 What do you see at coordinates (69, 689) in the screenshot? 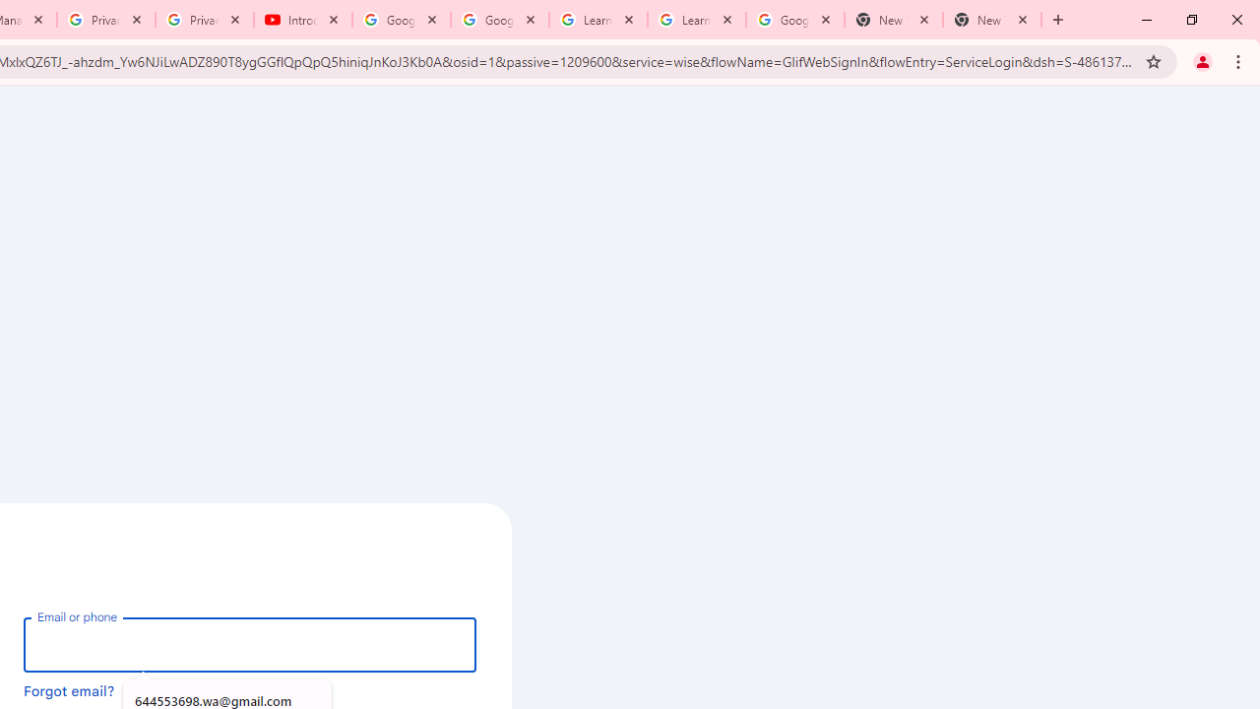
I see `'Forgot email?'` at bounding box center [69, 689].